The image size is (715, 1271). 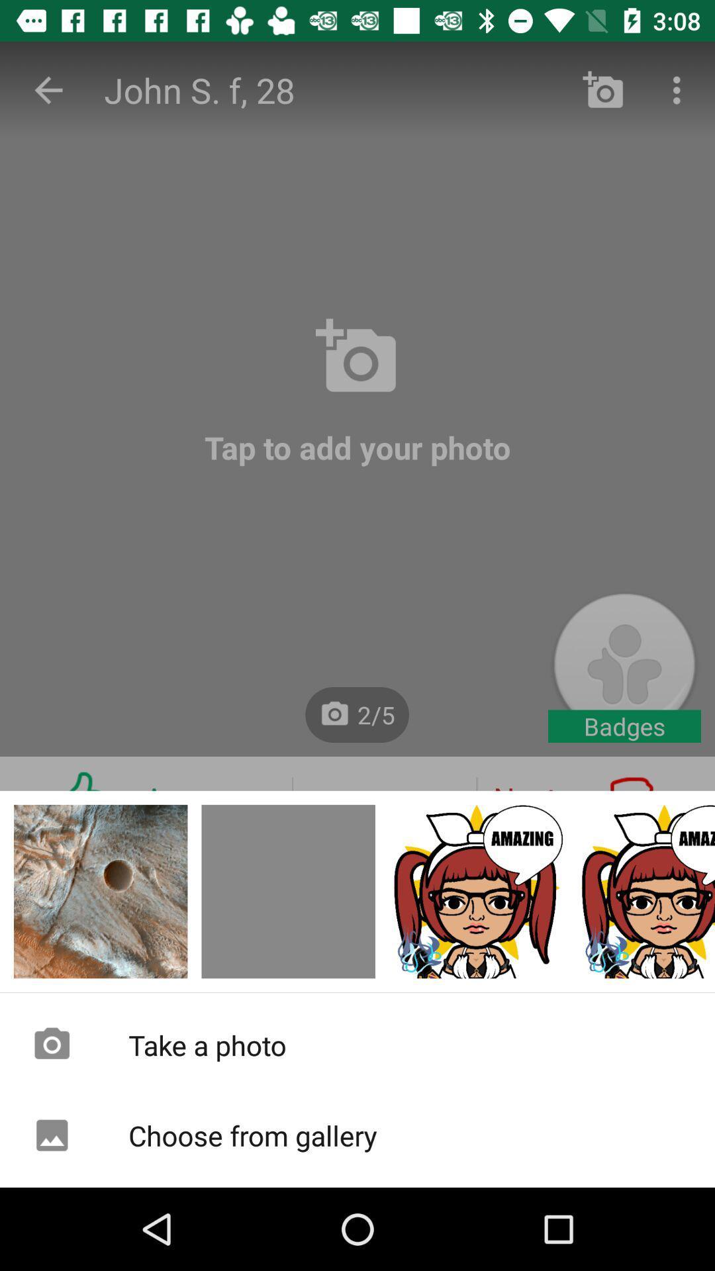 What do you see at coordinates (100, 892) in the screenshot?
I see `to picture` at bounding box center [100, 892].